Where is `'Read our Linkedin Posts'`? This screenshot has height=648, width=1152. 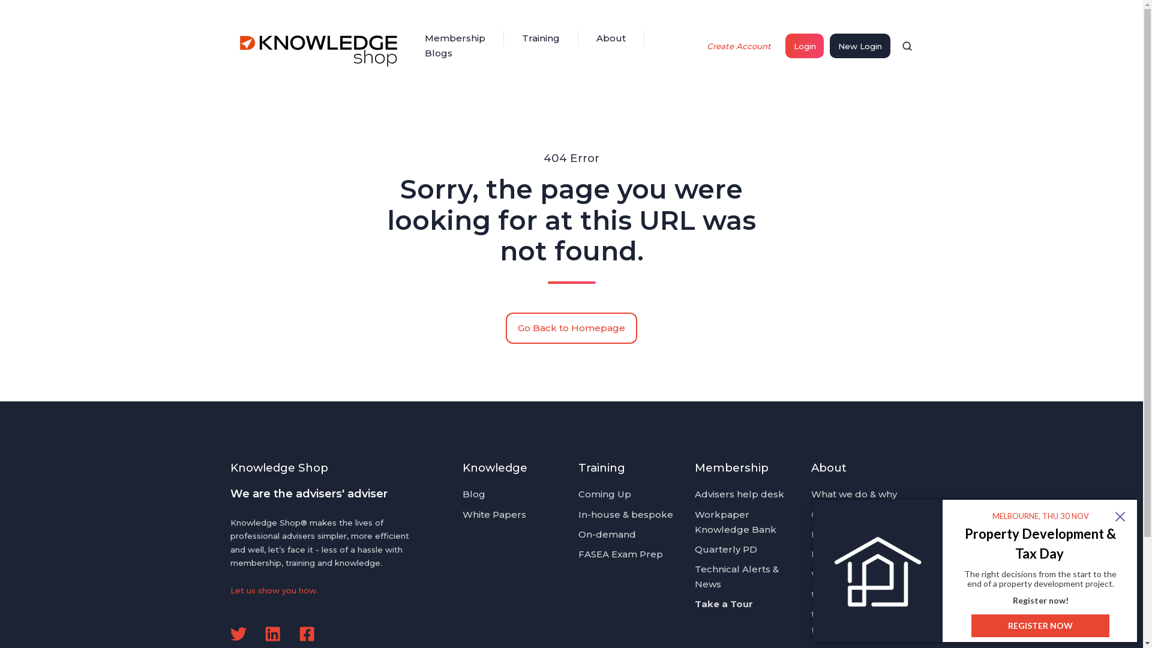
'Read our Linkedin Posts' is located at coordinates (272, 633).